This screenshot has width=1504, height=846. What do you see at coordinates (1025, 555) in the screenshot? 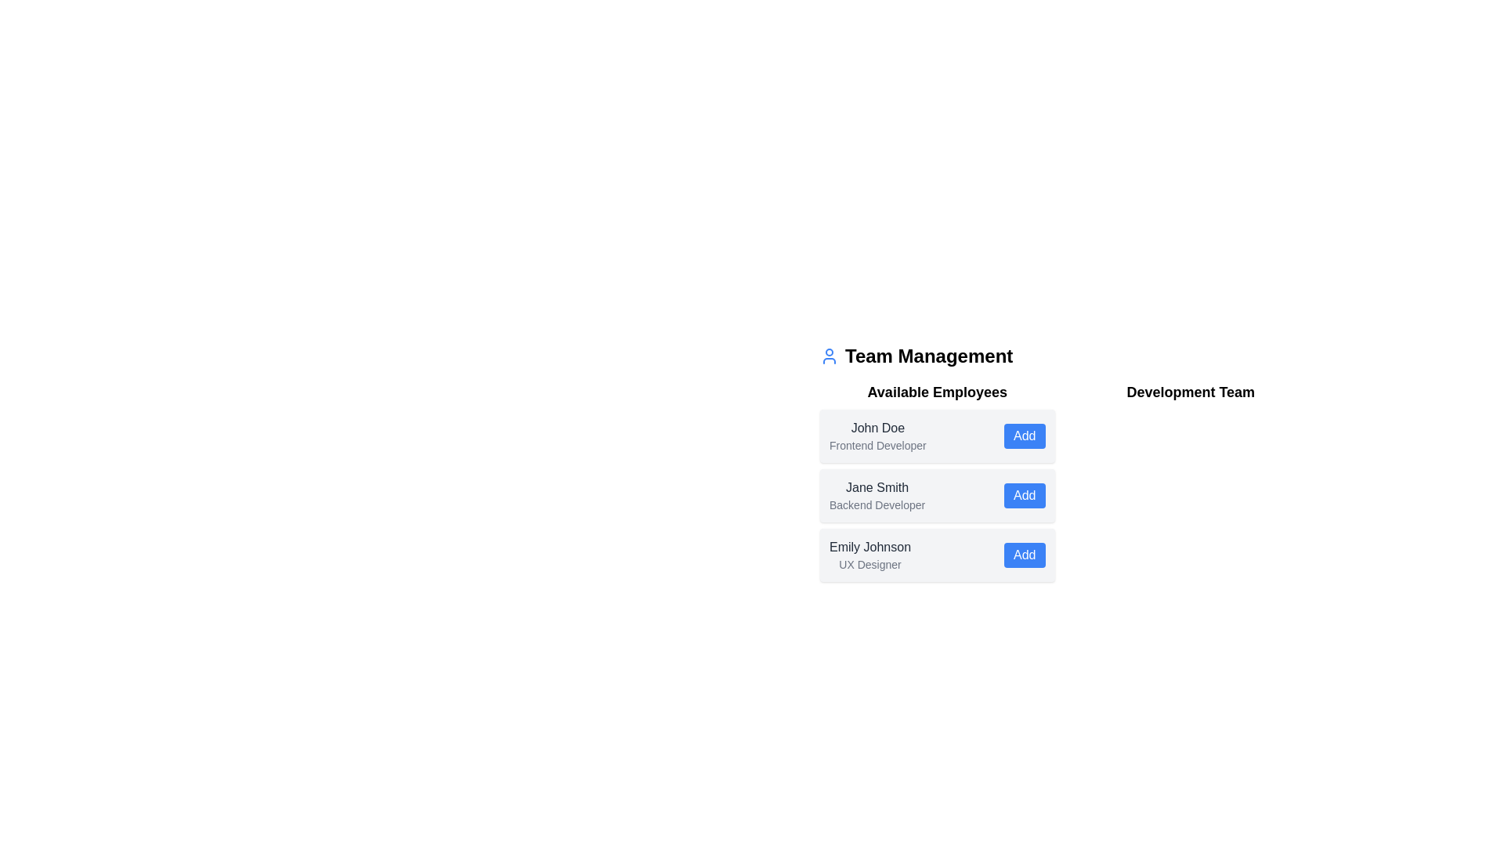
I see `the rectangular button with a blue background labeled 'Add'` at bounding box center [1025, 555].